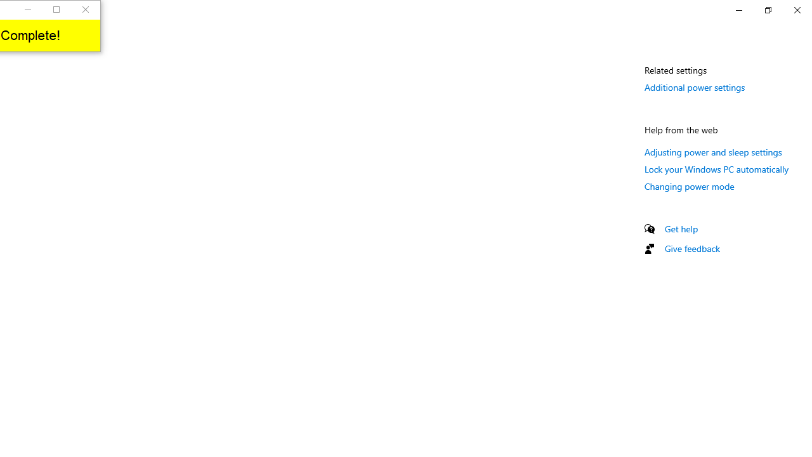 The image size is (812, 457). What do you see at coordinates (767, 10) in the screenshot?
I see `'Restore Settings'` at bounding box center [767, 10].